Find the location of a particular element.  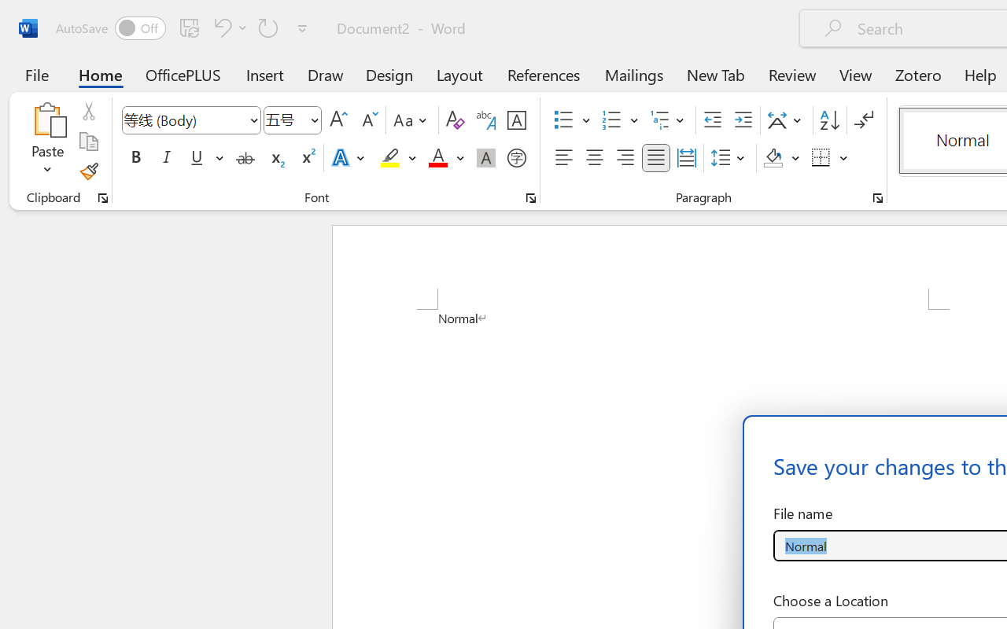

'Save' is located at coordinates (189, 27).